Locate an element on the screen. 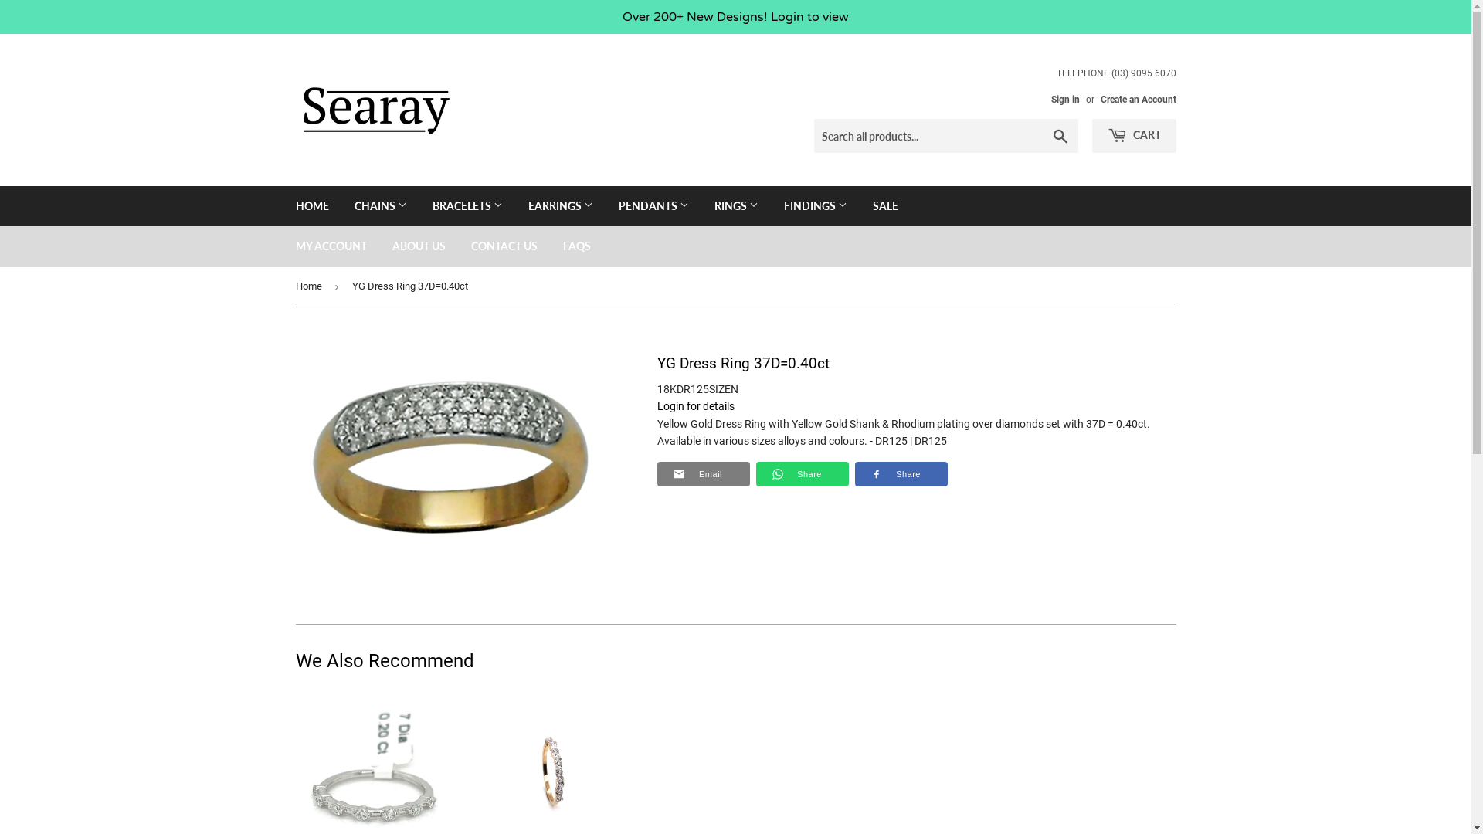  'CONTACT US' is located at coordinates (504, 246).